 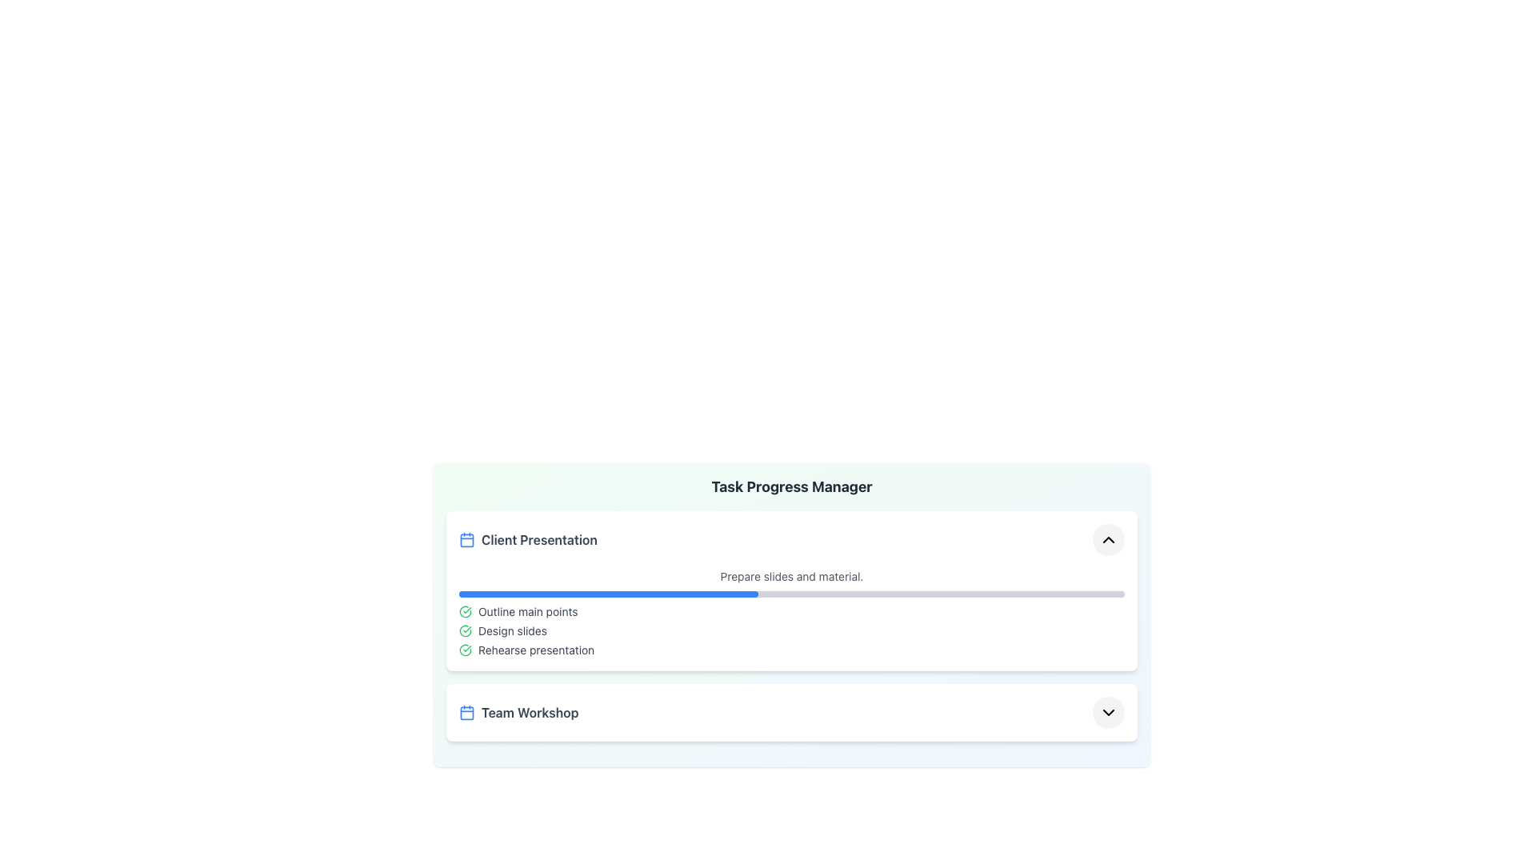 What do you see at coordinates (466, 712) in the screenshot?
I see `the Rectangle SVG graphical element that represents the body of the calendar icon` at bounding box center [466, 712].